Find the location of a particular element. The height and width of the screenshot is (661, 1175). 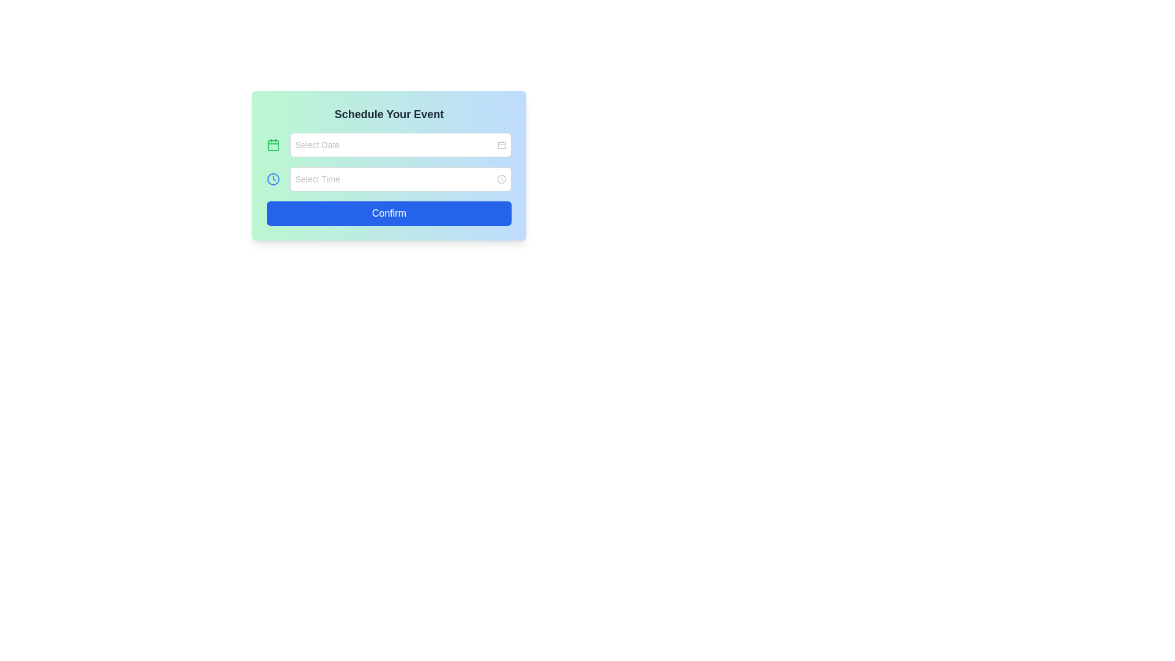

the circular outline of the clock icon next to the 'Select Time' input field is located at coordinates (272, 179).